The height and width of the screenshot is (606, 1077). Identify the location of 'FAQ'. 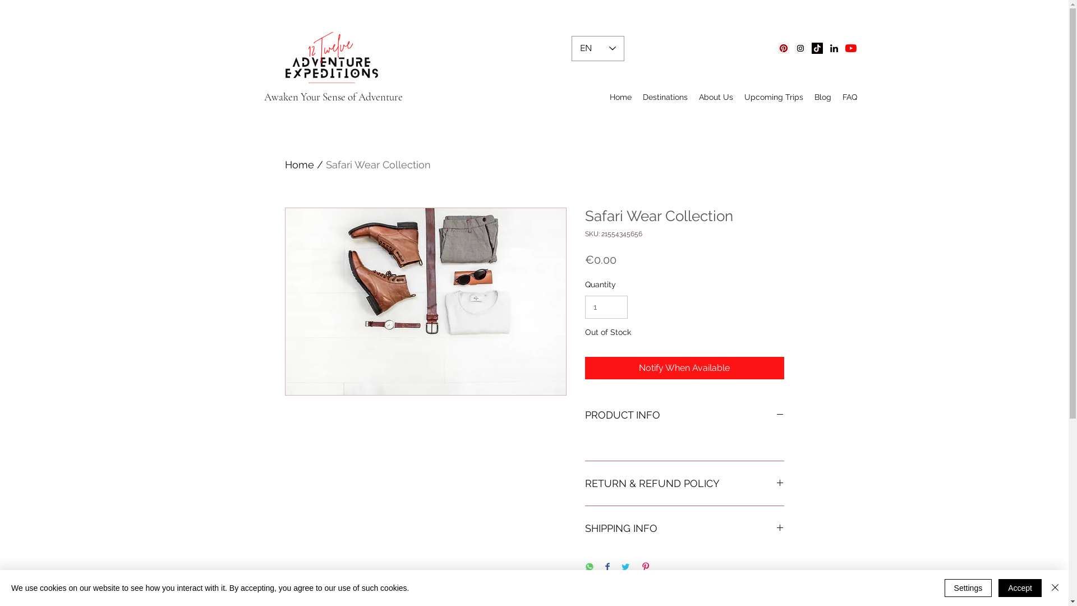
(850, 97).